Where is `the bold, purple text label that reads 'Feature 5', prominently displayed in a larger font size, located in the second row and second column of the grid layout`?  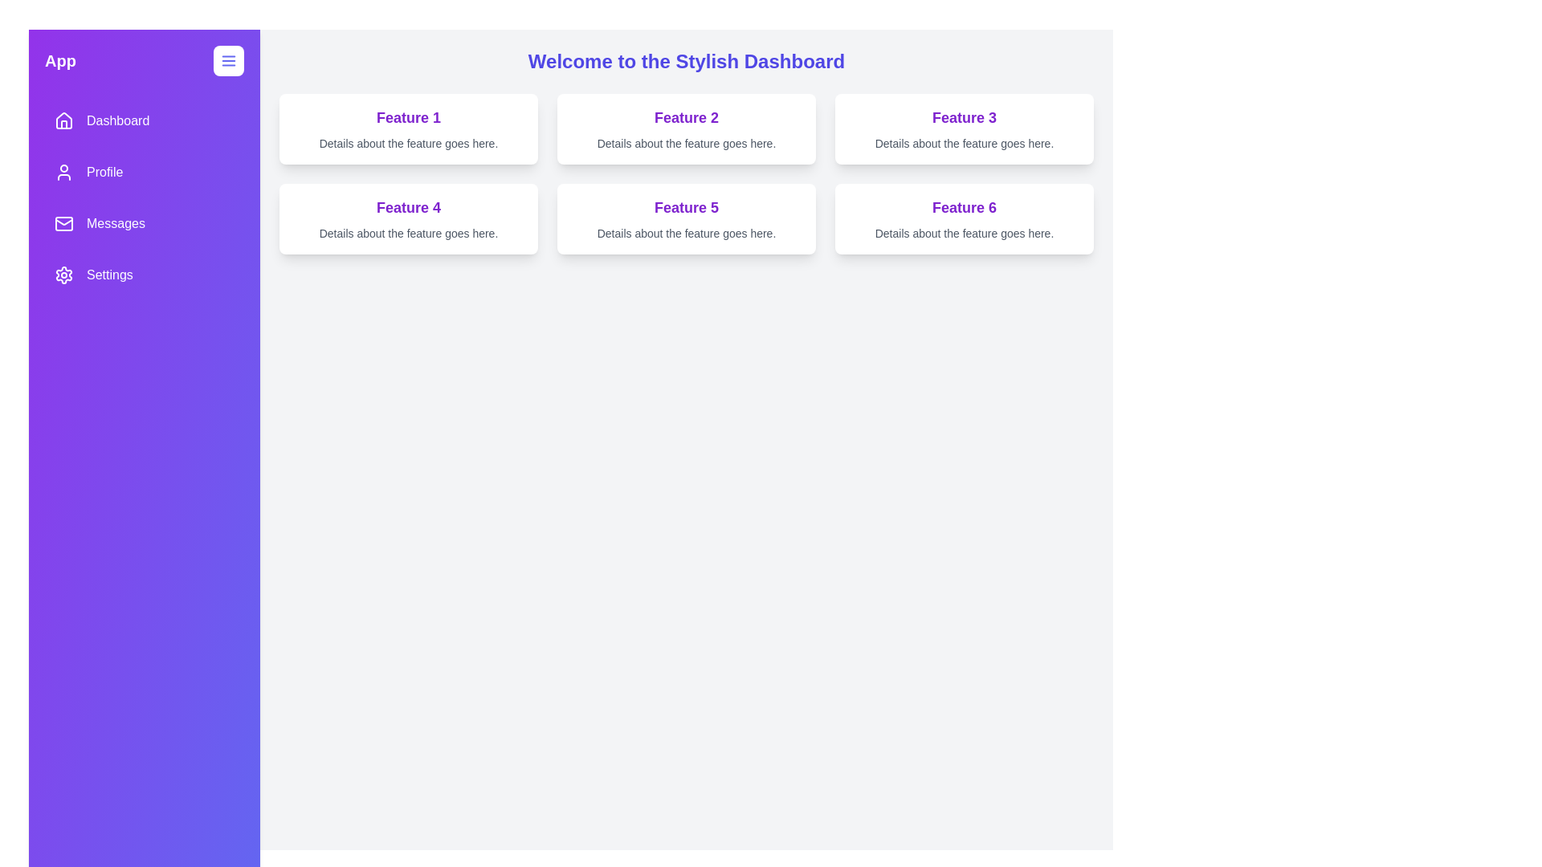 the bold, purple text label that reads 'Feature 5', prominently displayed in a larger font size, located in the second row and second column of the grid layout is located at coordinates (686, 206).